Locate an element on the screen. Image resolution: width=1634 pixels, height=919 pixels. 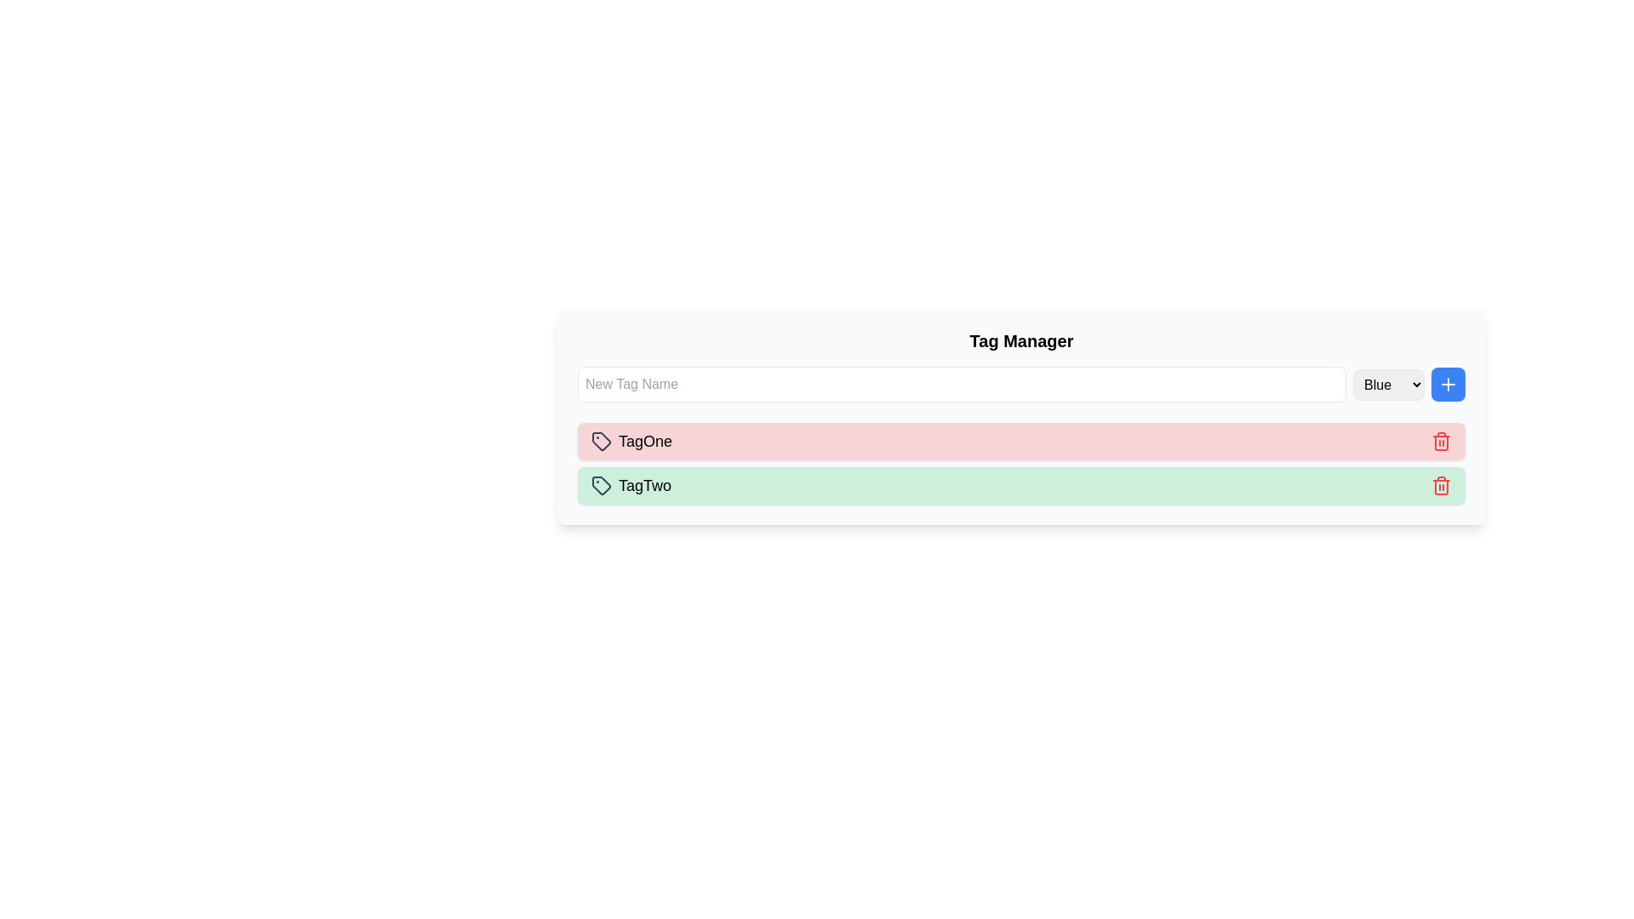
the tag icon located immediately to the left of the text labeled 'TagTwo', which features a polygonal outline and a circular cutout is located at coordinates (601, 485).